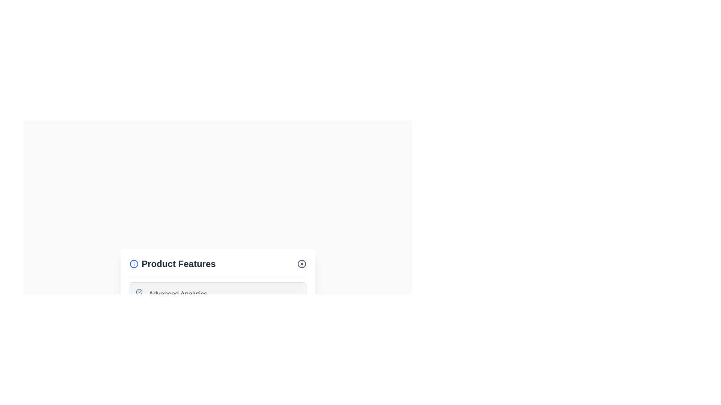 The width and height of the screenshot is (721, 405). I want to click on the circular button with a cross symbol located at the top-right corner of the 'Product Features' section, so click(302, 263).